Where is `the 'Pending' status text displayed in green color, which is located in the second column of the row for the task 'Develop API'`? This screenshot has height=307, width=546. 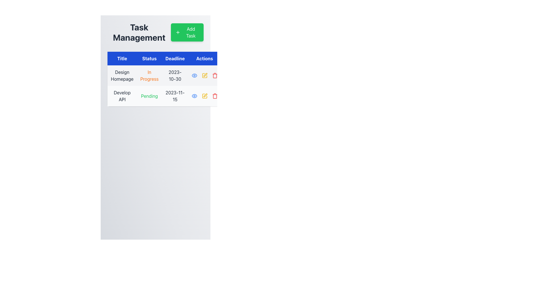
the 'Pending' status text displayed in green color, which is located in the second column of the row for the task 'Develop API' is located at coordinates (149, 96).